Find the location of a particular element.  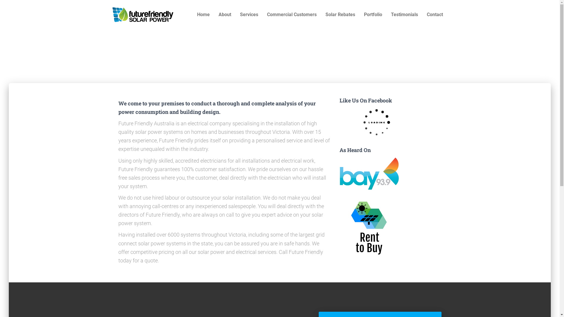

'Services' is located at coordinates (249, 14).